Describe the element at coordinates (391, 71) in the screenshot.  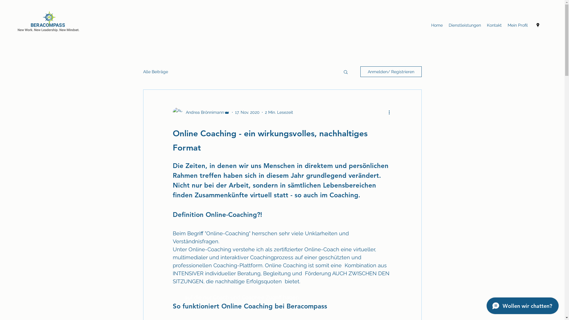
I see `'Anmelden/ Registrieren'` at that location.